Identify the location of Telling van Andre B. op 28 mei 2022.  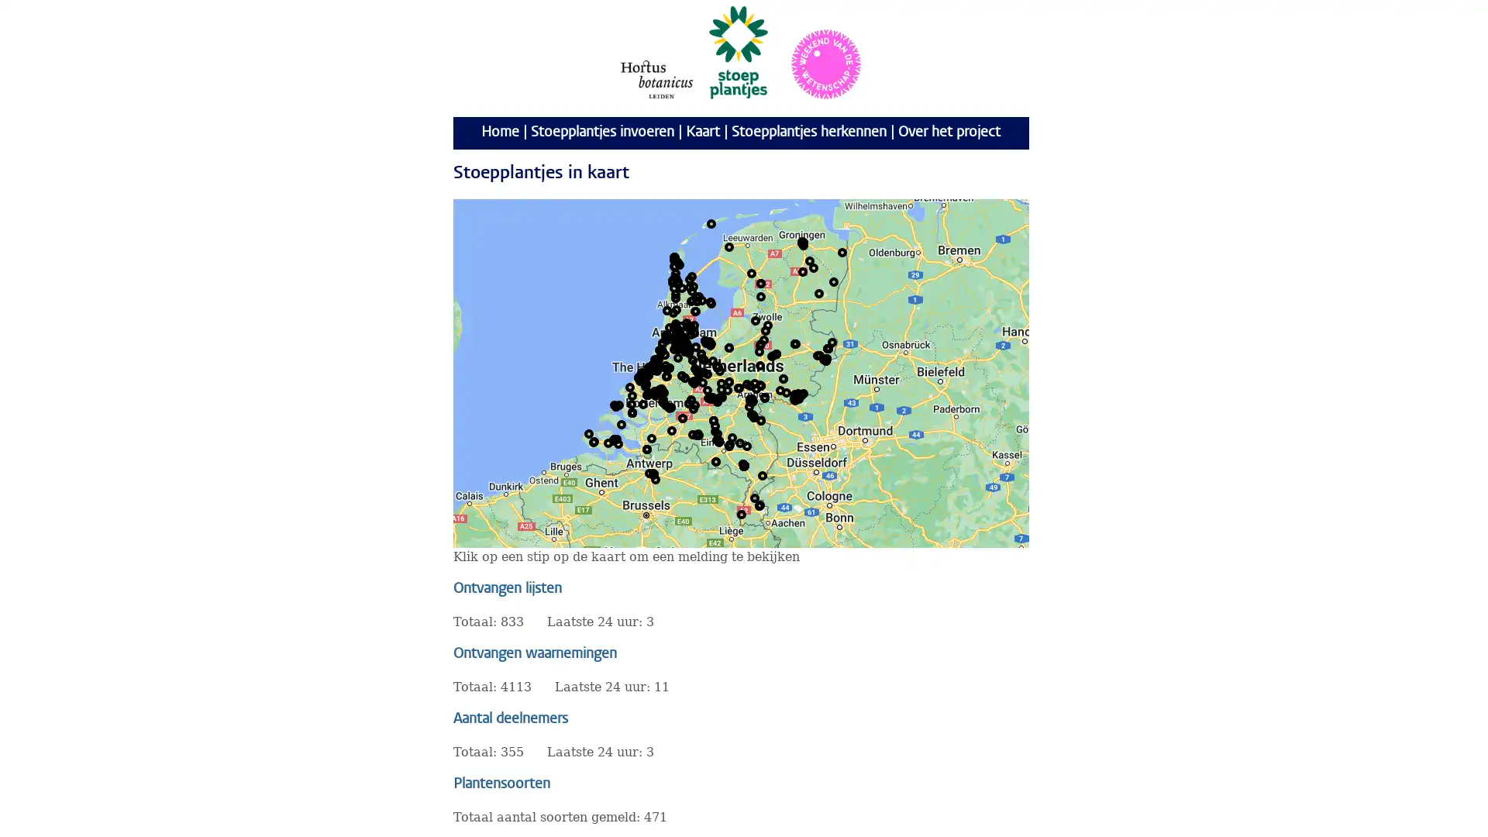
(653, 368).